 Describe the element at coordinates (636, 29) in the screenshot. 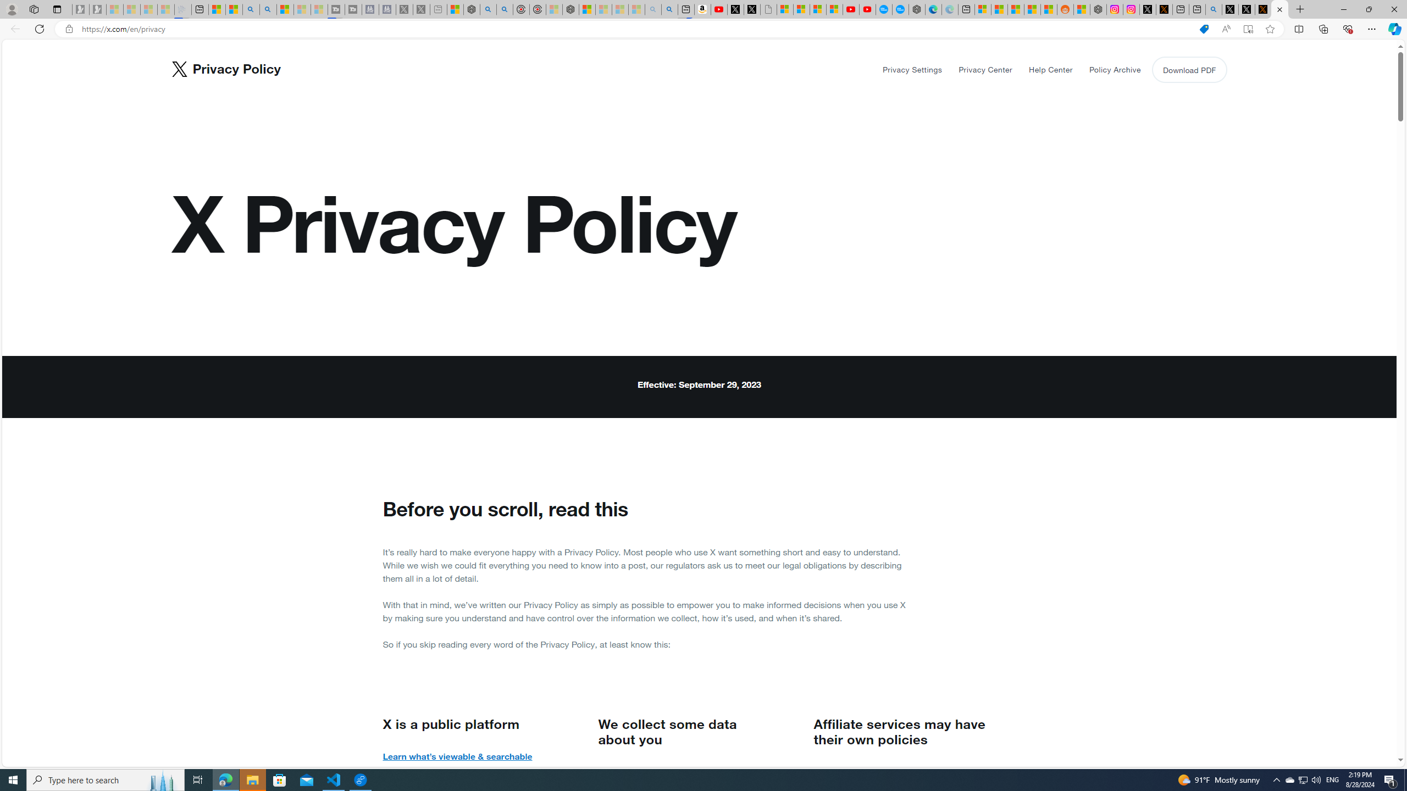

I see `'Address and search bar'` at that location.